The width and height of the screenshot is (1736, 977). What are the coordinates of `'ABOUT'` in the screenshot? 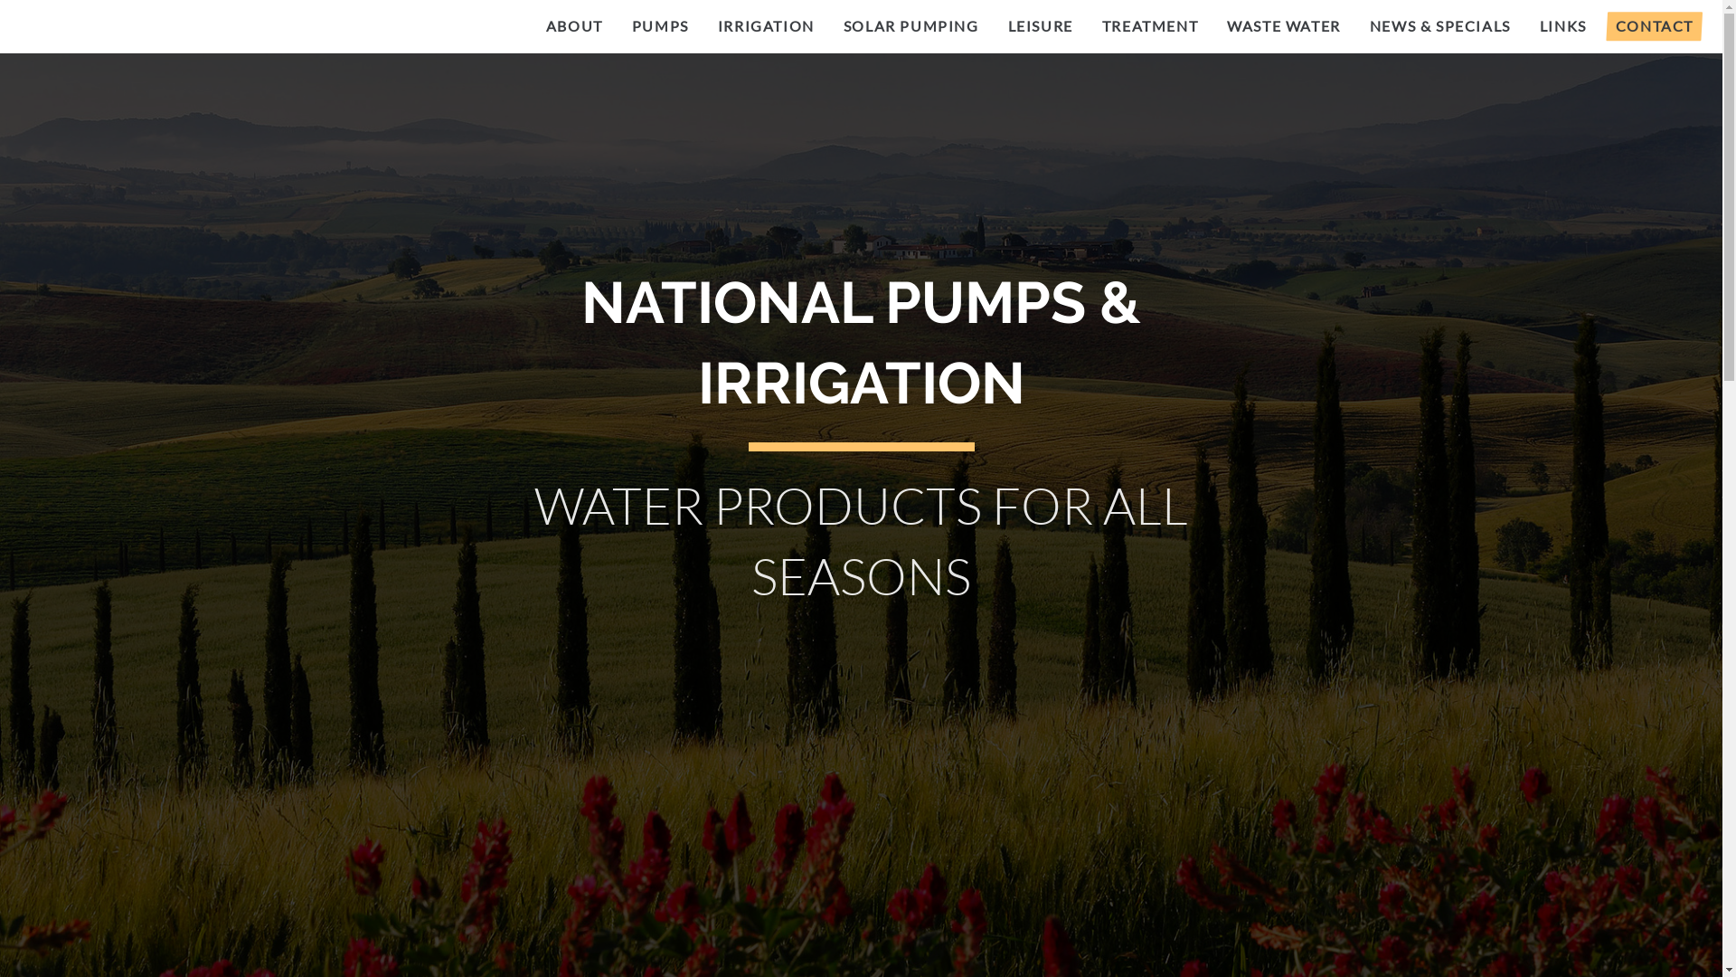 It's located at (573, 26).